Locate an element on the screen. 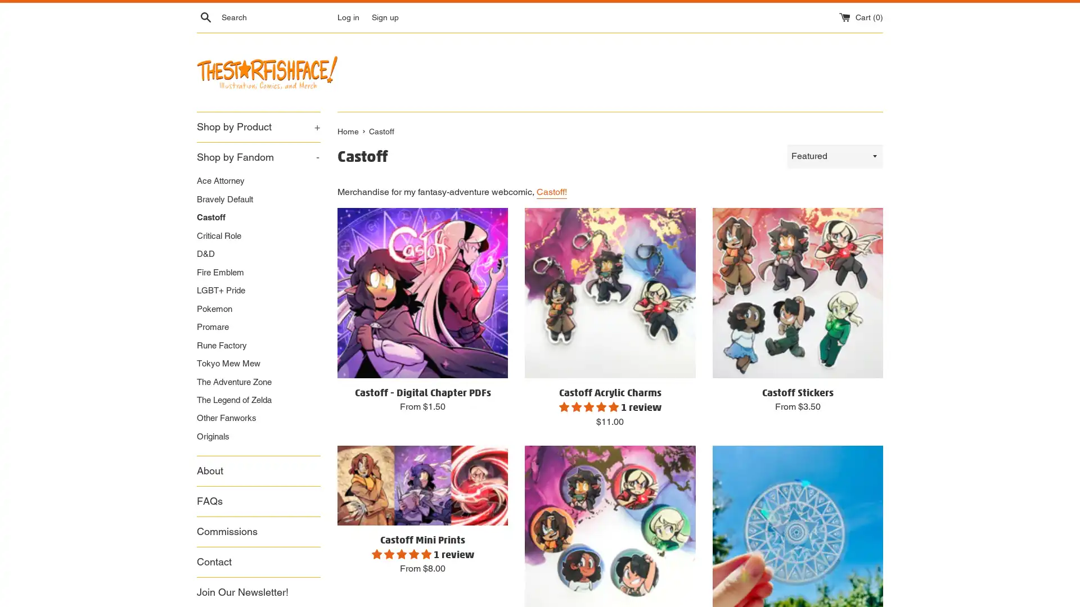  Shop by Fandom is located at coordinates (258, 157).